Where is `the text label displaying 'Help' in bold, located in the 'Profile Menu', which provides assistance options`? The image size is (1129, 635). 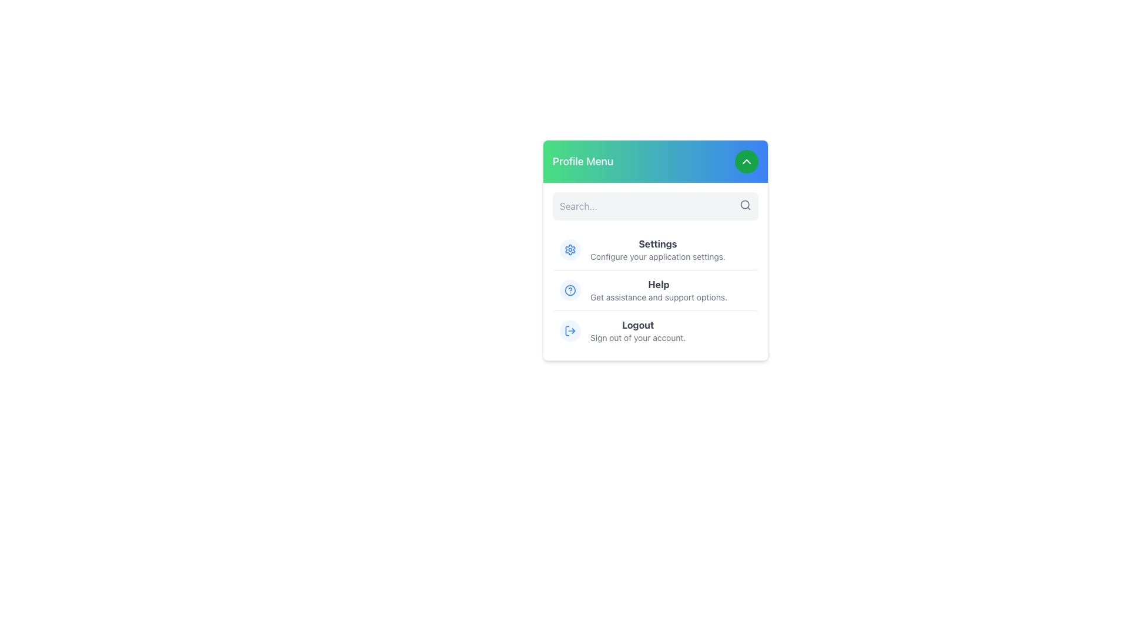 the text label displaying 'Help' in bold, located in the 'Profile Menu', which provides assistance options is located at coordinates (659, 290).